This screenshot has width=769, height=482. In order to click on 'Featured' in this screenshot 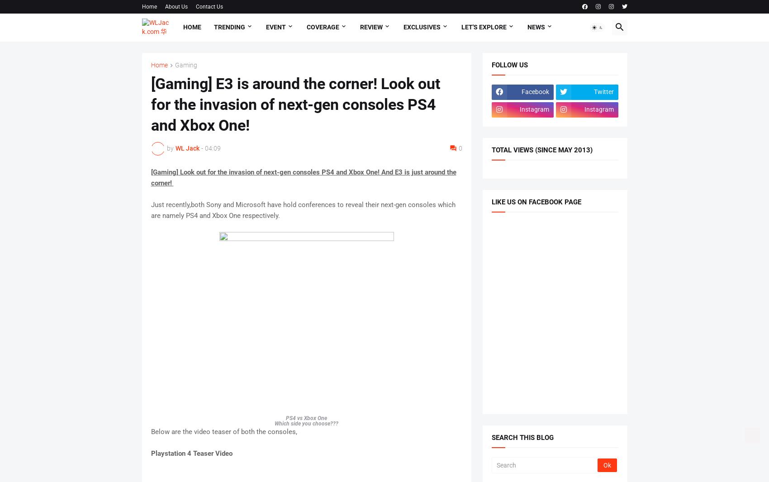, I will do `click(163, 90)`.